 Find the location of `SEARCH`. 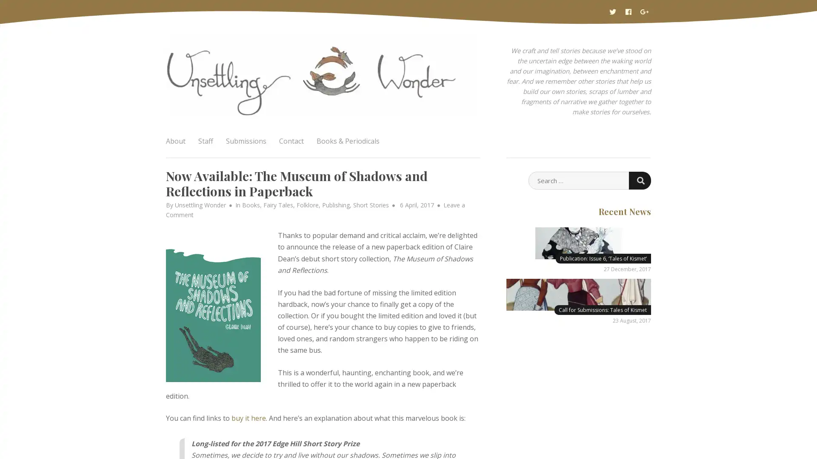

SEARCH is located at coordinates (640, 180).